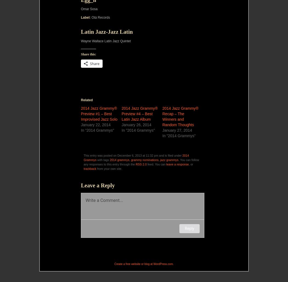 The image size is (288, 282). I want to click on 'Label:', so click(86, 18).